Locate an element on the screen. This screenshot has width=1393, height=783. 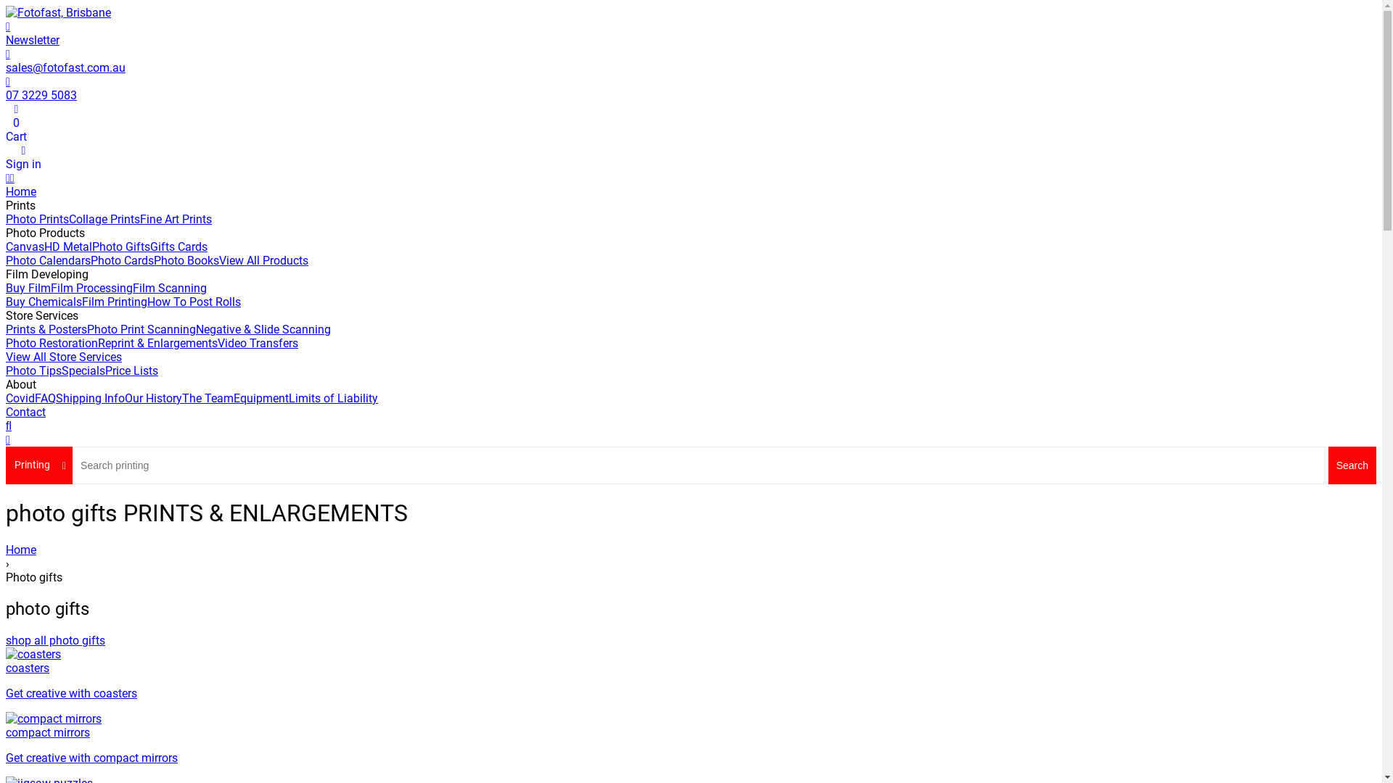
'compact mirrors is located at coordinates (690, 738).